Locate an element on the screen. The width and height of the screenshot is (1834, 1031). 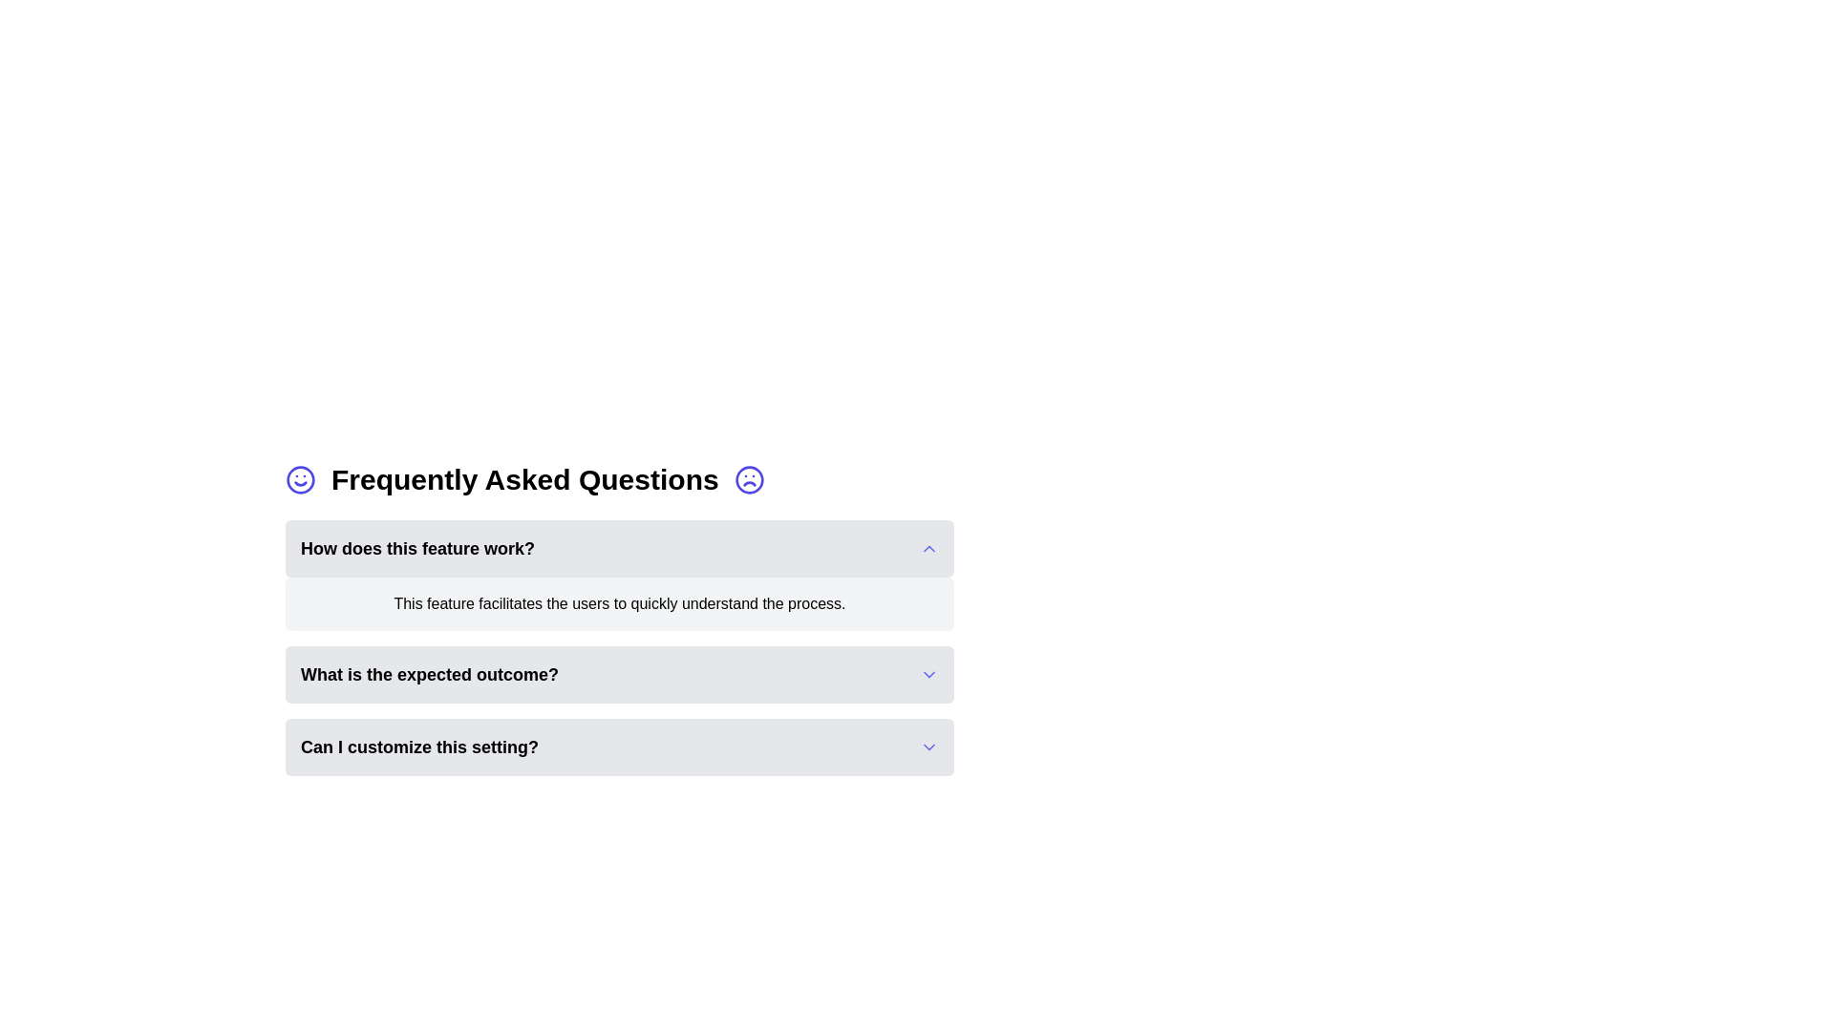
the frown expression circular icon with a purple outline, located to the right of the 'Frequently Asked Questions' text is located at coordinates (748, 478).